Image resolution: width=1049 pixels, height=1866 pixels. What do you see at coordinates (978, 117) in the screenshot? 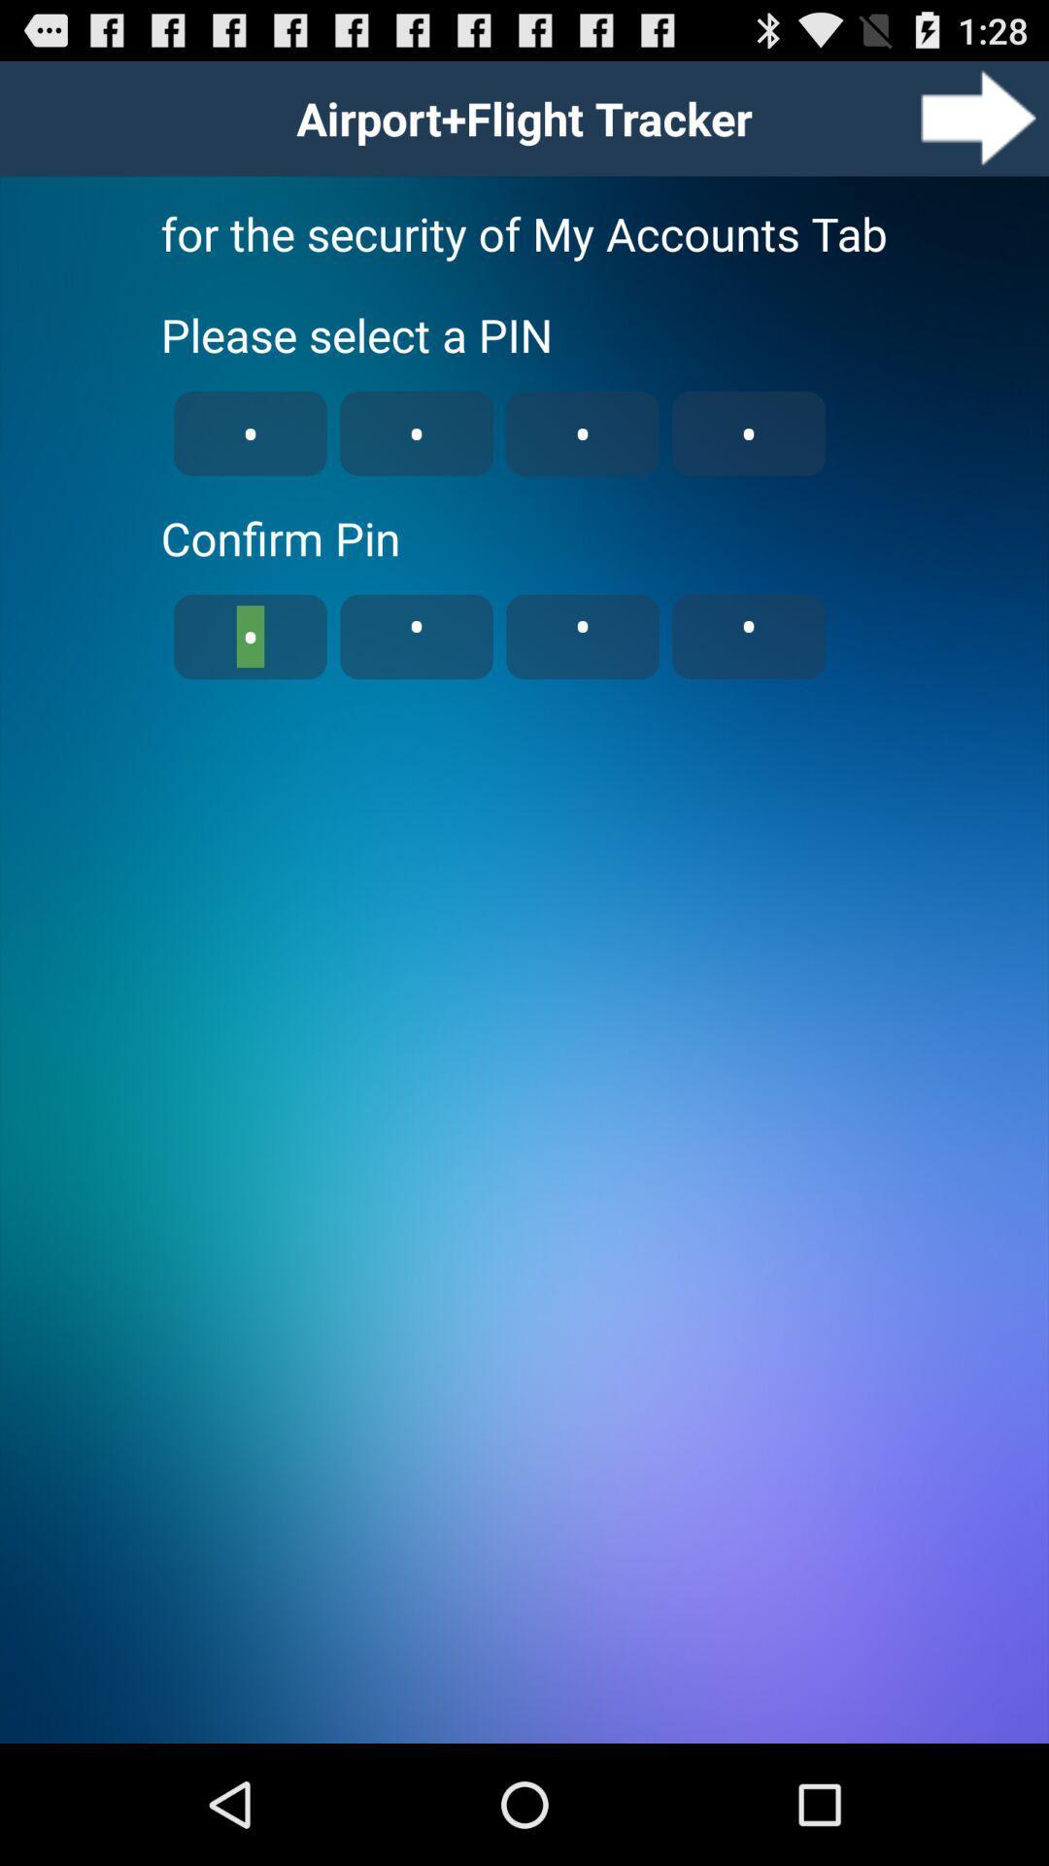
I see `button next to airportflight tracker` at bounding box center [978, 117].